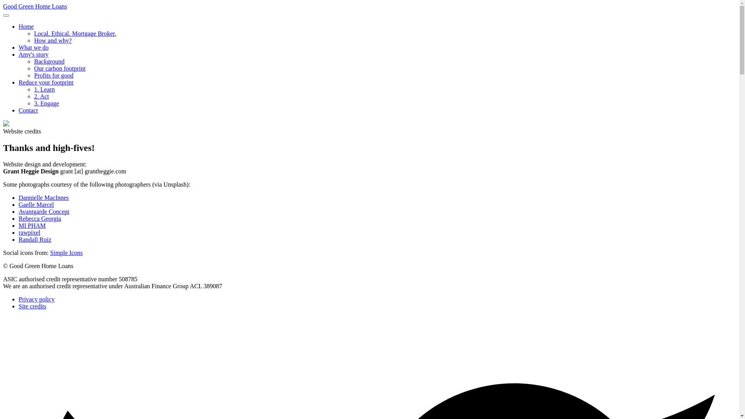  What do you see at coordinates (19, 225) in the screenshot?
I see `'MI PHAM'` at bounding box center [19, 225].